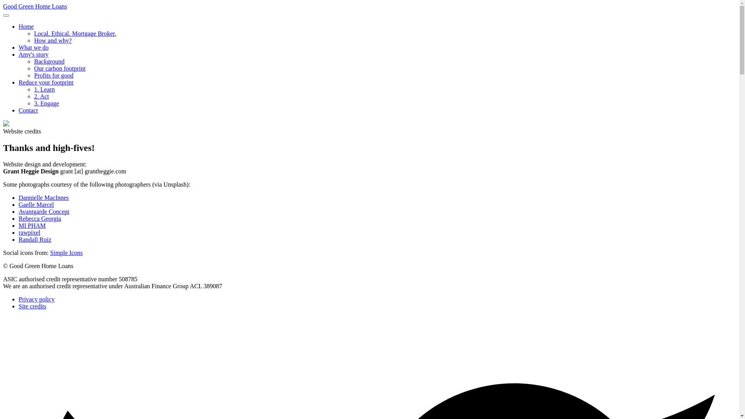  What do you see at coordinates (19, 225) in the screenshot?
I see `'MI PHAM'` at bounding box center [19, 225].